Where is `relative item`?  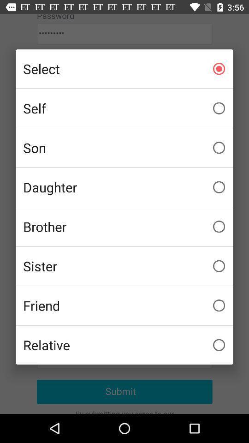
relative item is located at coordinates (125, 344).